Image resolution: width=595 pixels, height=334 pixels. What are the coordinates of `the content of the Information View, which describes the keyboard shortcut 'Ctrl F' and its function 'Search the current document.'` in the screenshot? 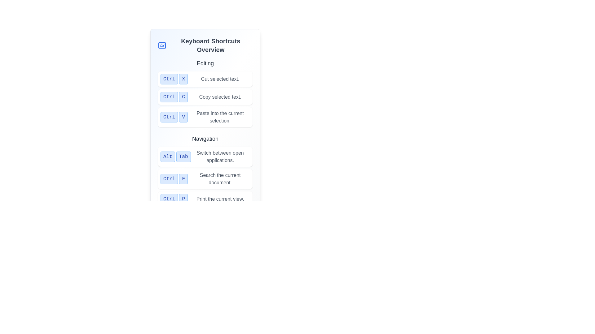 It's located at (205, 177).